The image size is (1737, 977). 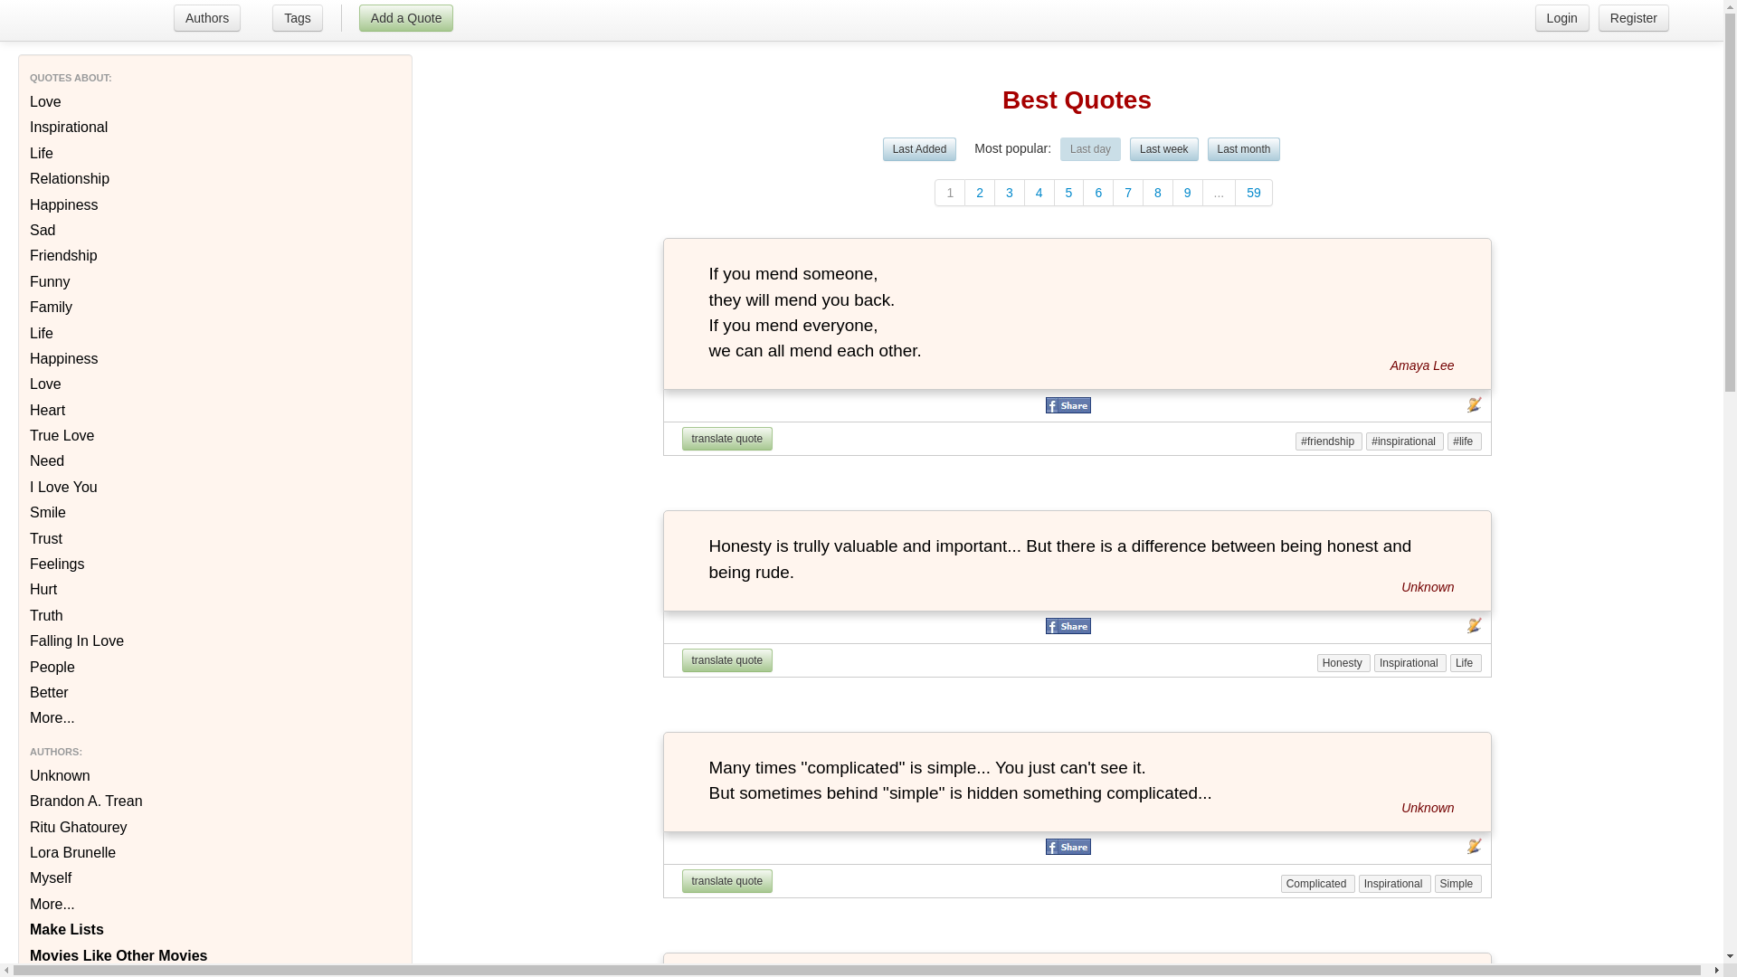 What do you see at coordinates (1009, 192) in the screenshot?
I see `'3'` at bounding box center [1009, 192].